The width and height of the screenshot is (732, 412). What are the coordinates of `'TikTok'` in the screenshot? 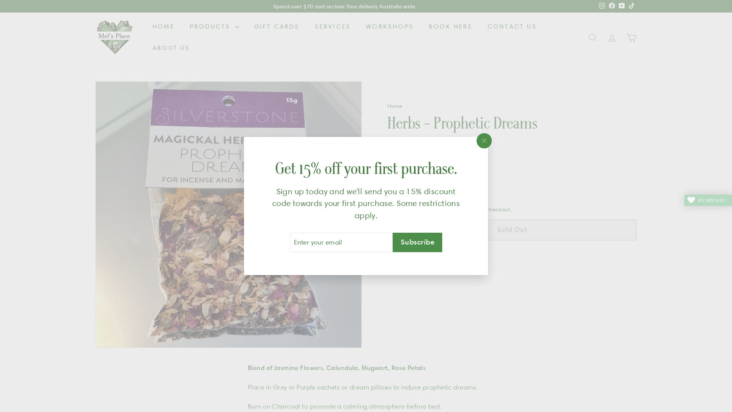 It's located at (626, 6).